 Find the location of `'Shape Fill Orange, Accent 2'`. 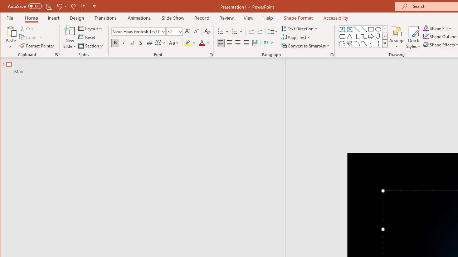

'Shape Fill Orange, Accent 2' is located at coordinates (425, 28).